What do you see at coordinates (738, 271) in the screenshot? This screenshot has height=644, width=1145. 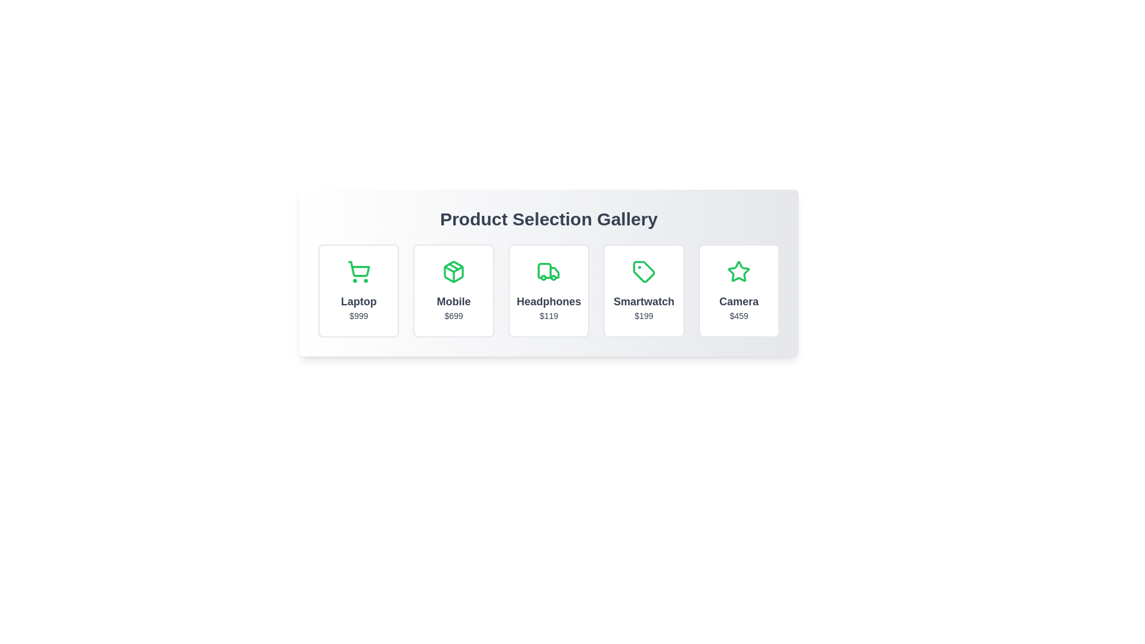 I see `the green outlined star icon located at the top part of the card labeled 'Camera' for interaction` at bounding box center [738, 271].